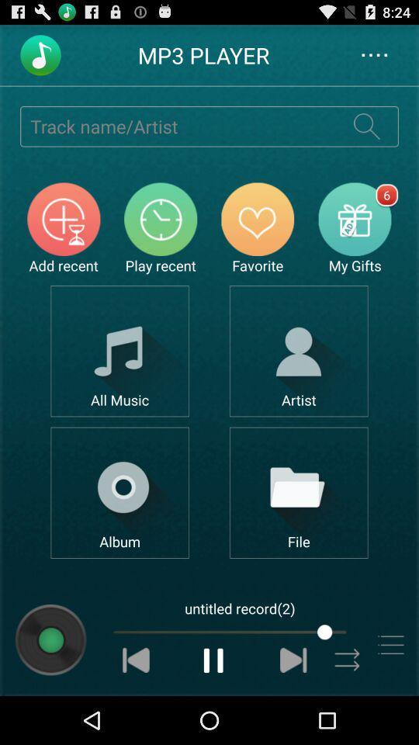 The height and width of the screenshot is (745, 419). What do you see at coordinates (293, 659) in the screenshot?
I see `skip to next` at bounding box center [293, 659].